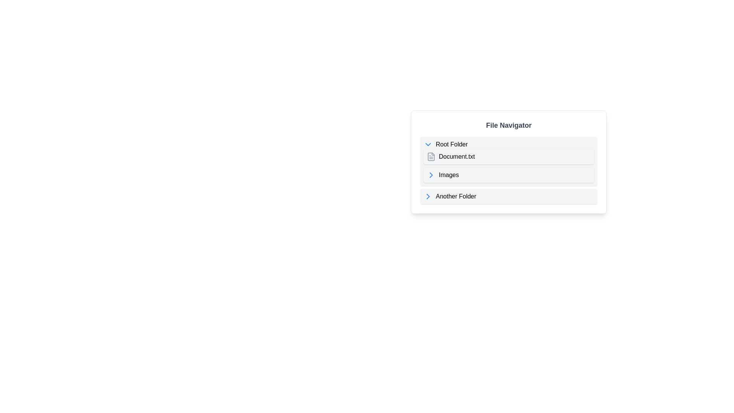  What do you see at coordinates (449, 175) in the screenshot?
I see `the 'Images' clickable text link in the file navigator` at bounding box center [449, 175].